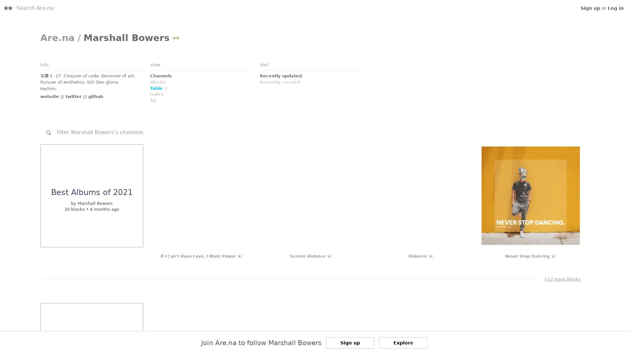  I want to click on Link to Channel: undefined, so click(91, 195).